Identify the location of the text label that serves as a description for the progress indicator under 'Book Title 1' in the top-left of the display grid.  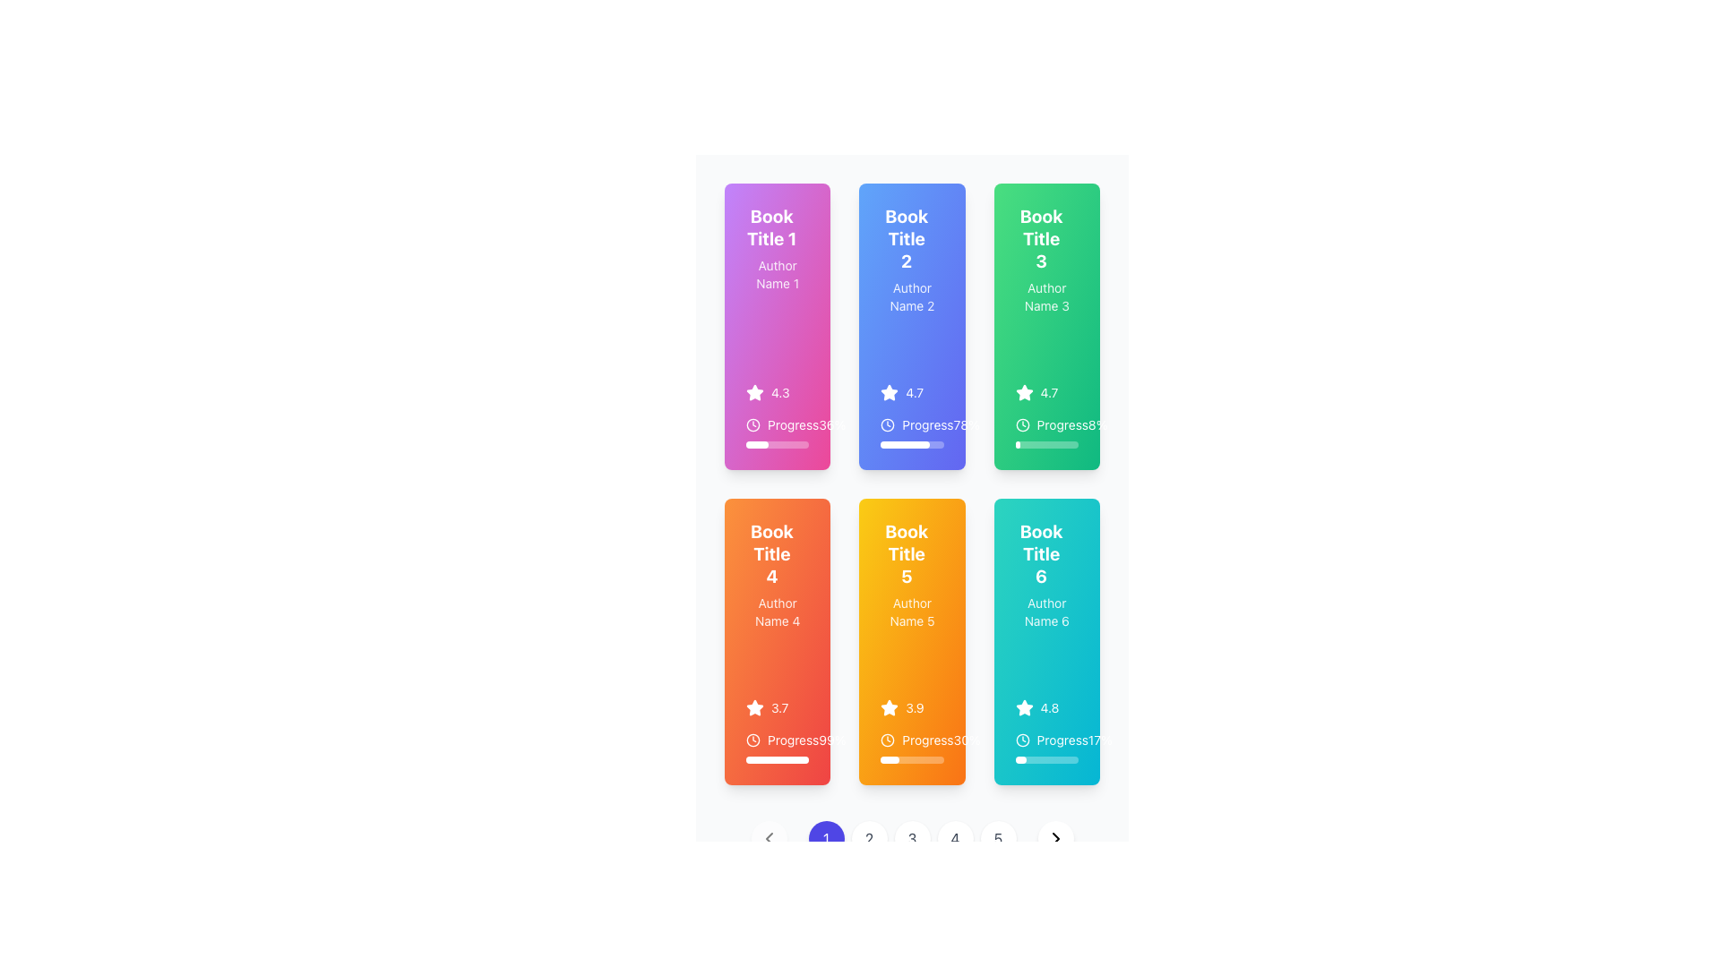
(782, 424).